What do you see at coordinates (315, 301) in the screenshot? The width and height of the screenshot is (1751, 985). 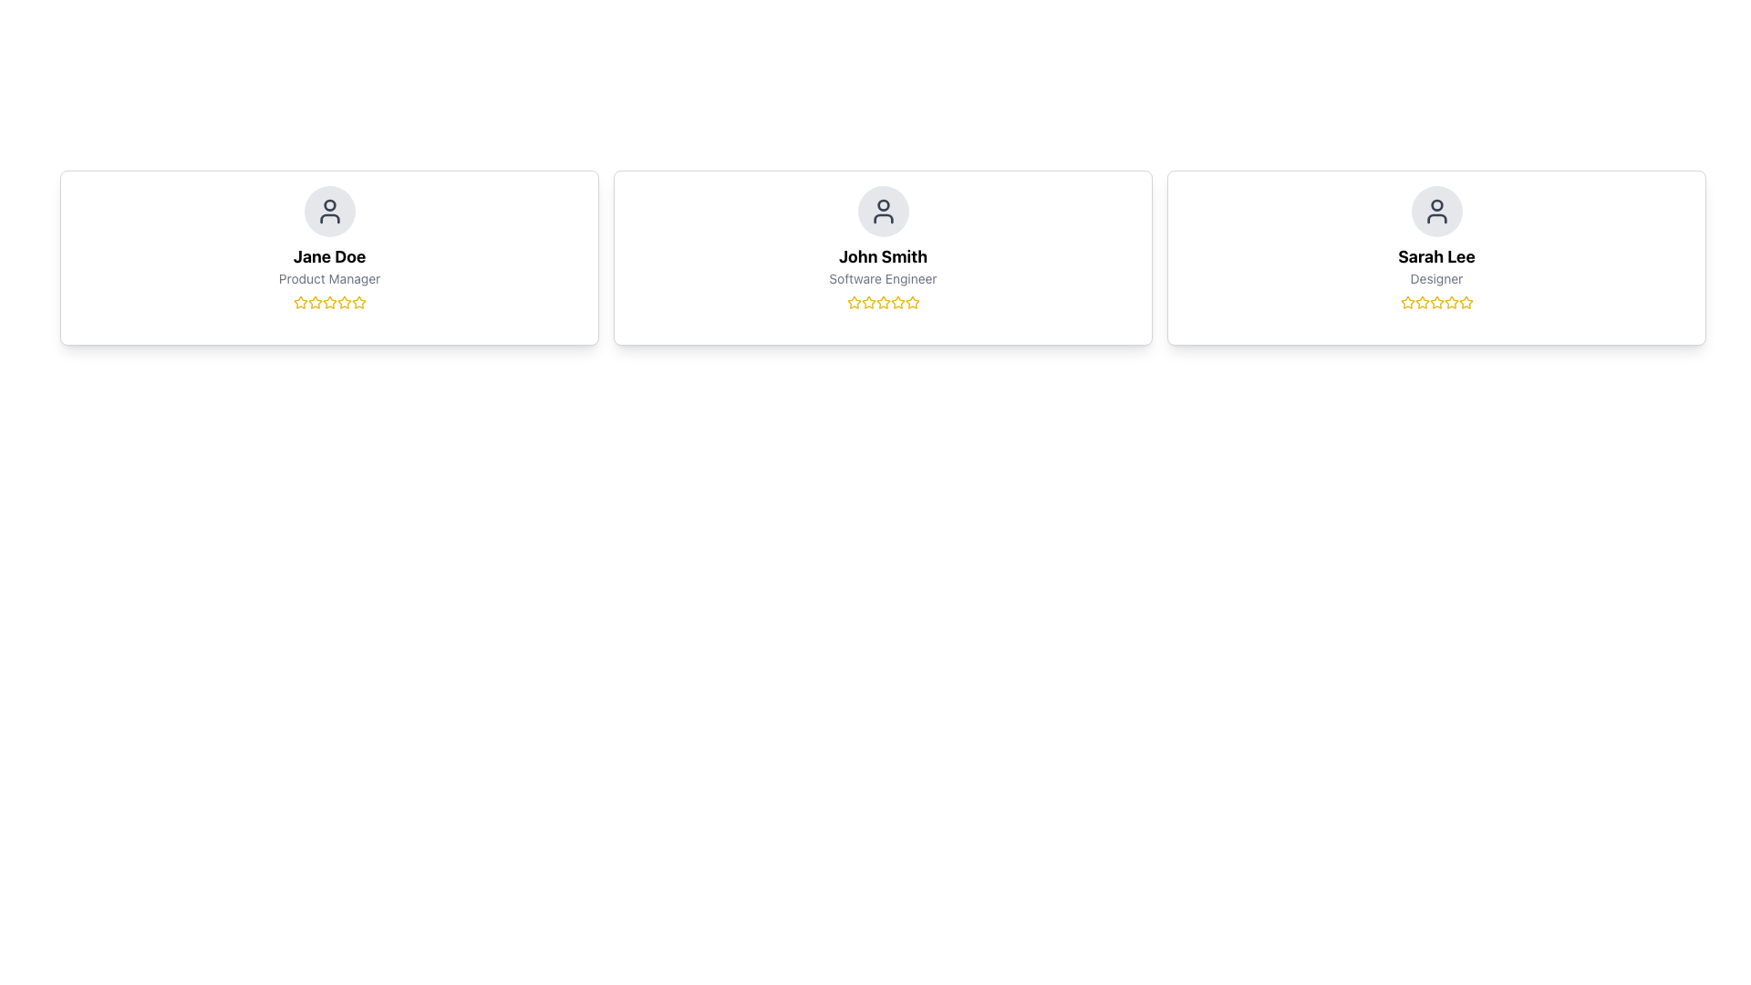 I see `the second star icon used for the rating level in the profile of 'Jane Doe', 'Product Manager' to interact with it` at bounding box center [315, 301].